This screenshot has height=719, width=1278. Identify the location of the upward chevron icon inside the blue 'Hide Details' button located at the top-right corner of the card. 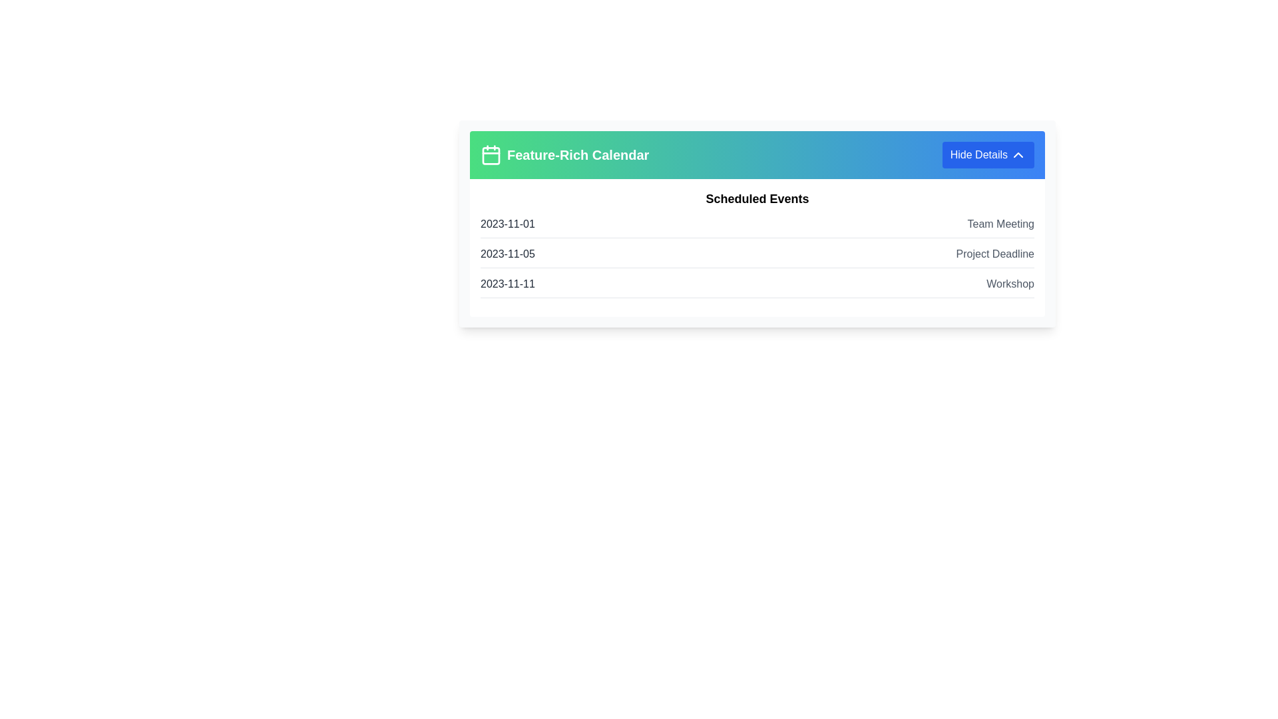
(1018, 154).